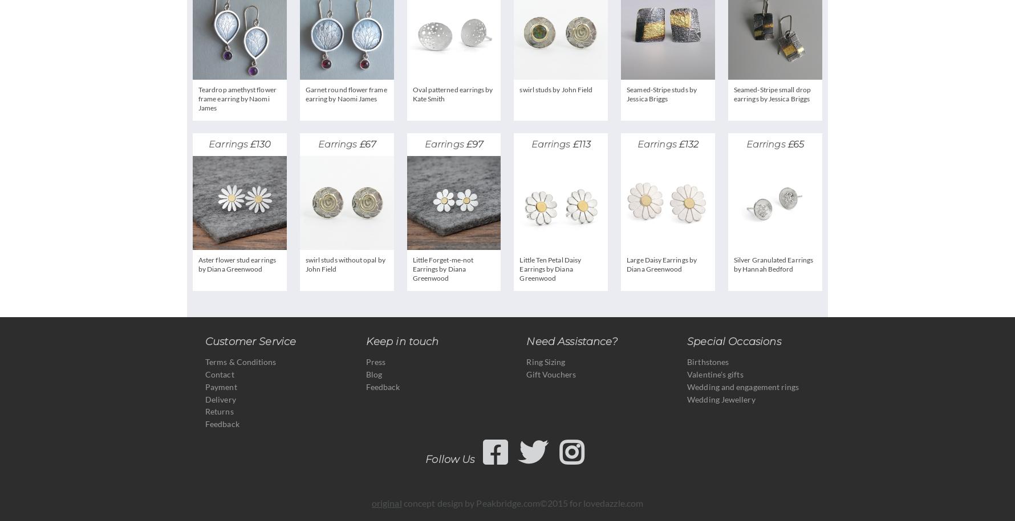 Image resolution: width=1015 pixels, height=521 pixels. What do you see at coordinates (250, 341) in the screenshot?
I see `'Customer Service'` at bounding box center [250, 341].